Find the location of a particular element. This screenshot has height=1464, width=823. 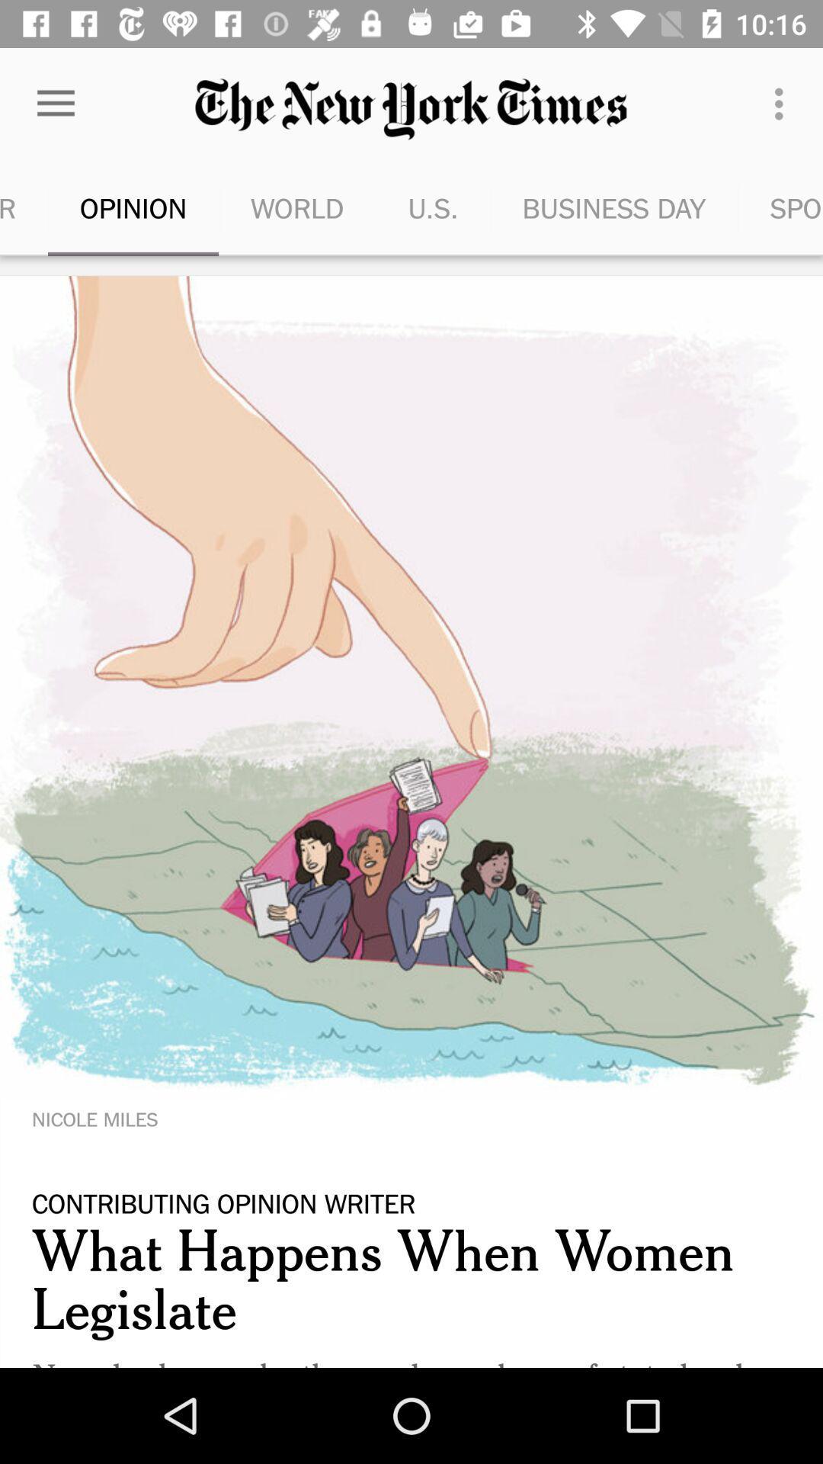

the sports is located at coordinates (780, 207).